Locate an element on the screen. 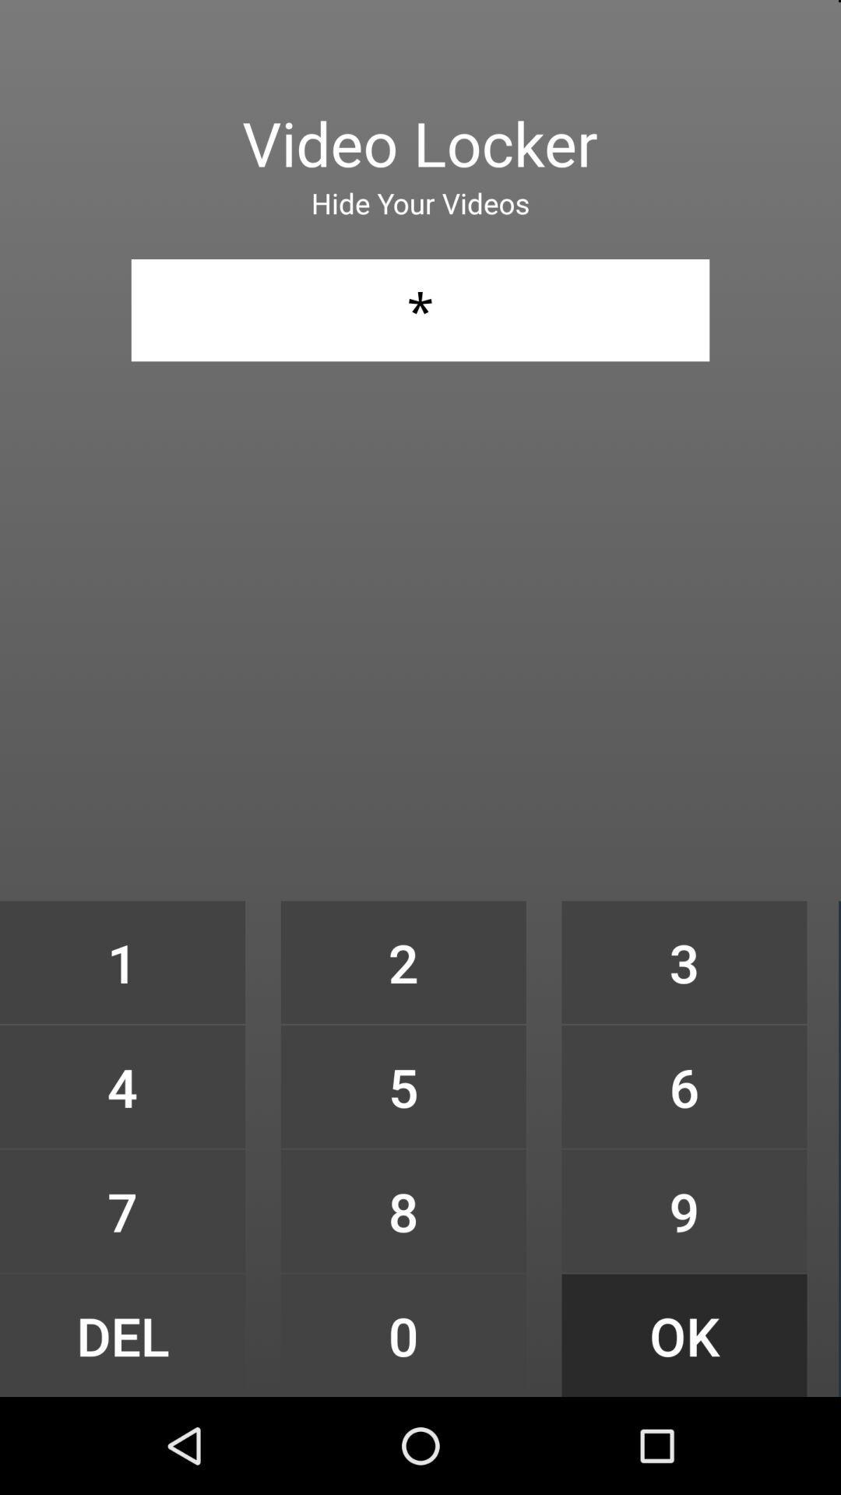 The width and height of the screenshot is (841, 1495). the icon above the 7 icon is located at coordinates (121, 1085).